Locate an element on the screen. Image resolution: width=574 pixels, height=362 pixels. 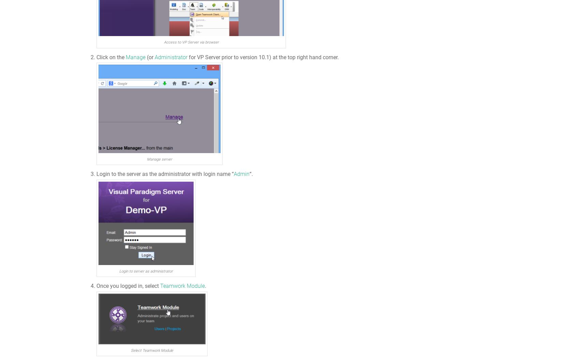
'.' is located at coordinates (205, 286).